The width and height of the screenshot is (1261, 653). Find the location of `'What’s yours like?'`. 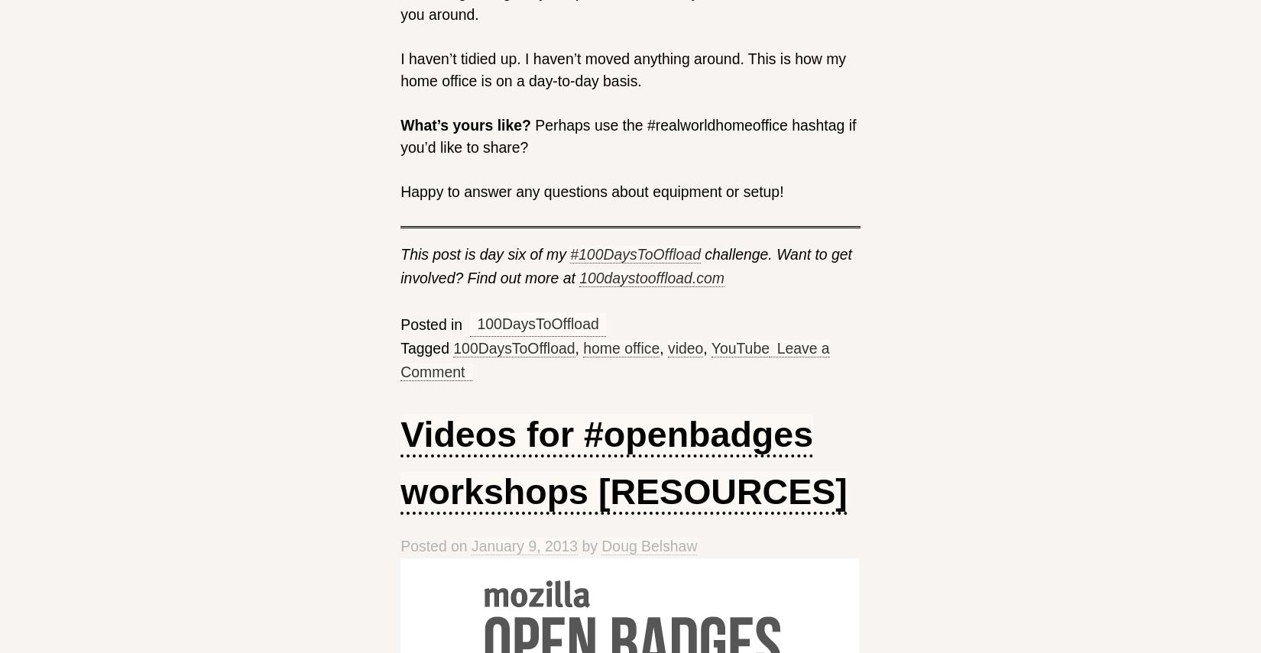

'What’s yours like?' is located at coordinates (465, 124).